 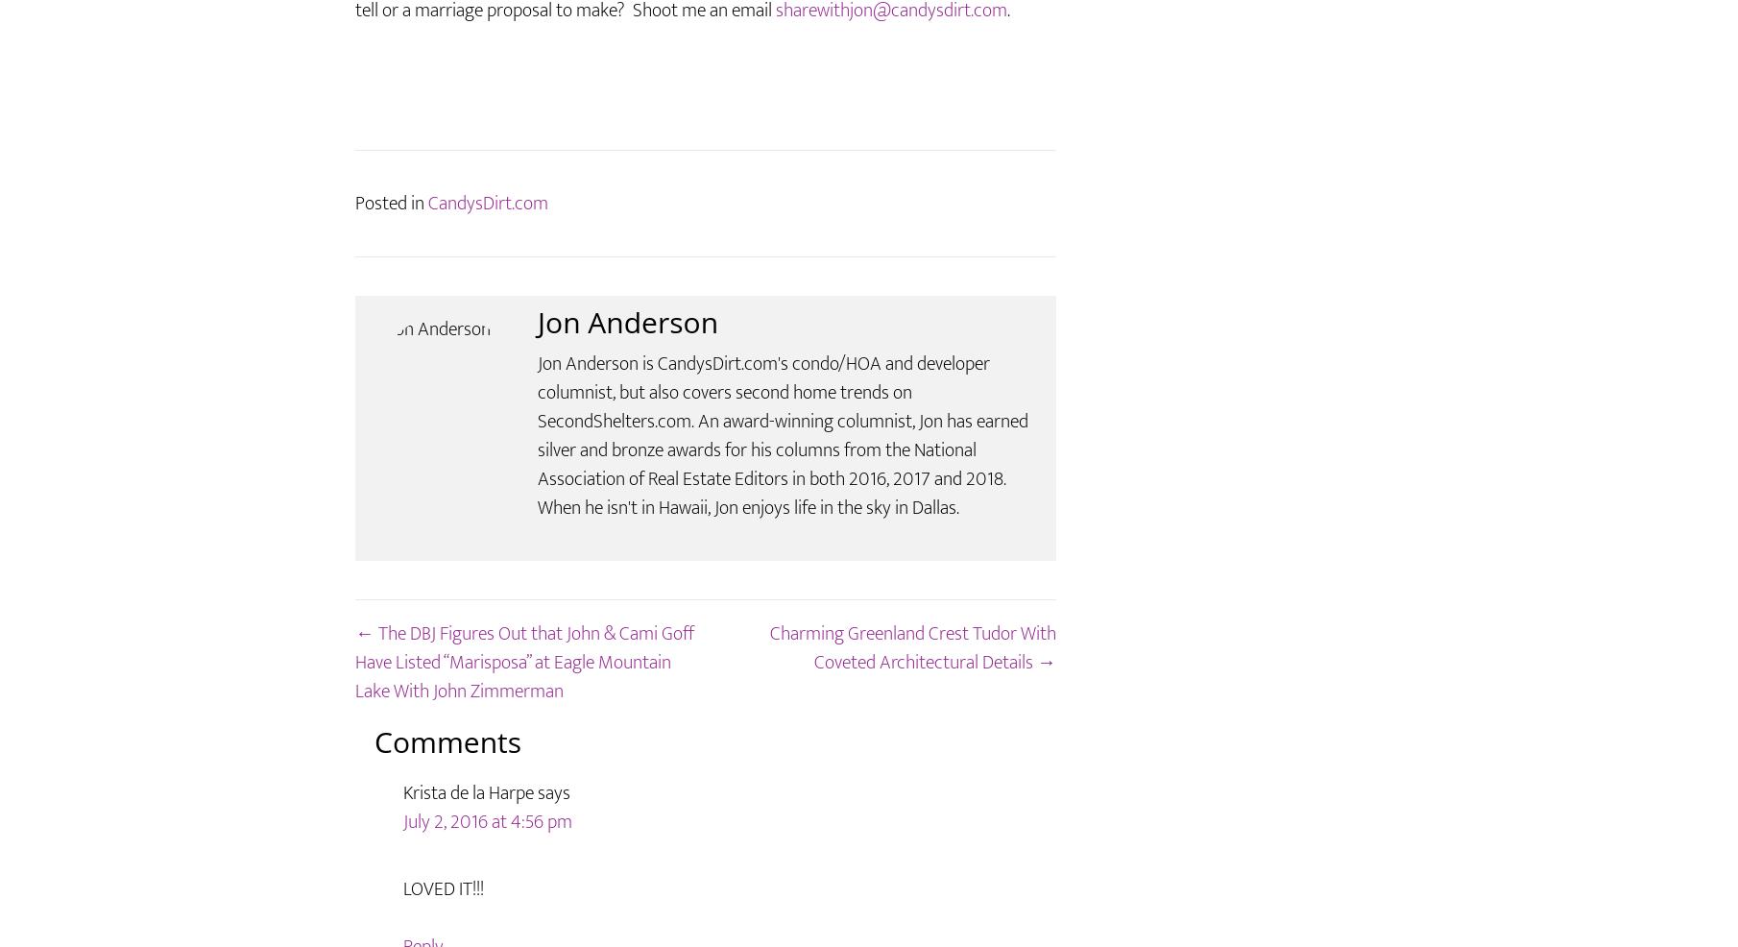 What do you see at coordinates (402, 848) in the screenshot?
I see `'Krista de la Harpe'` at bounding box center [402, 848].